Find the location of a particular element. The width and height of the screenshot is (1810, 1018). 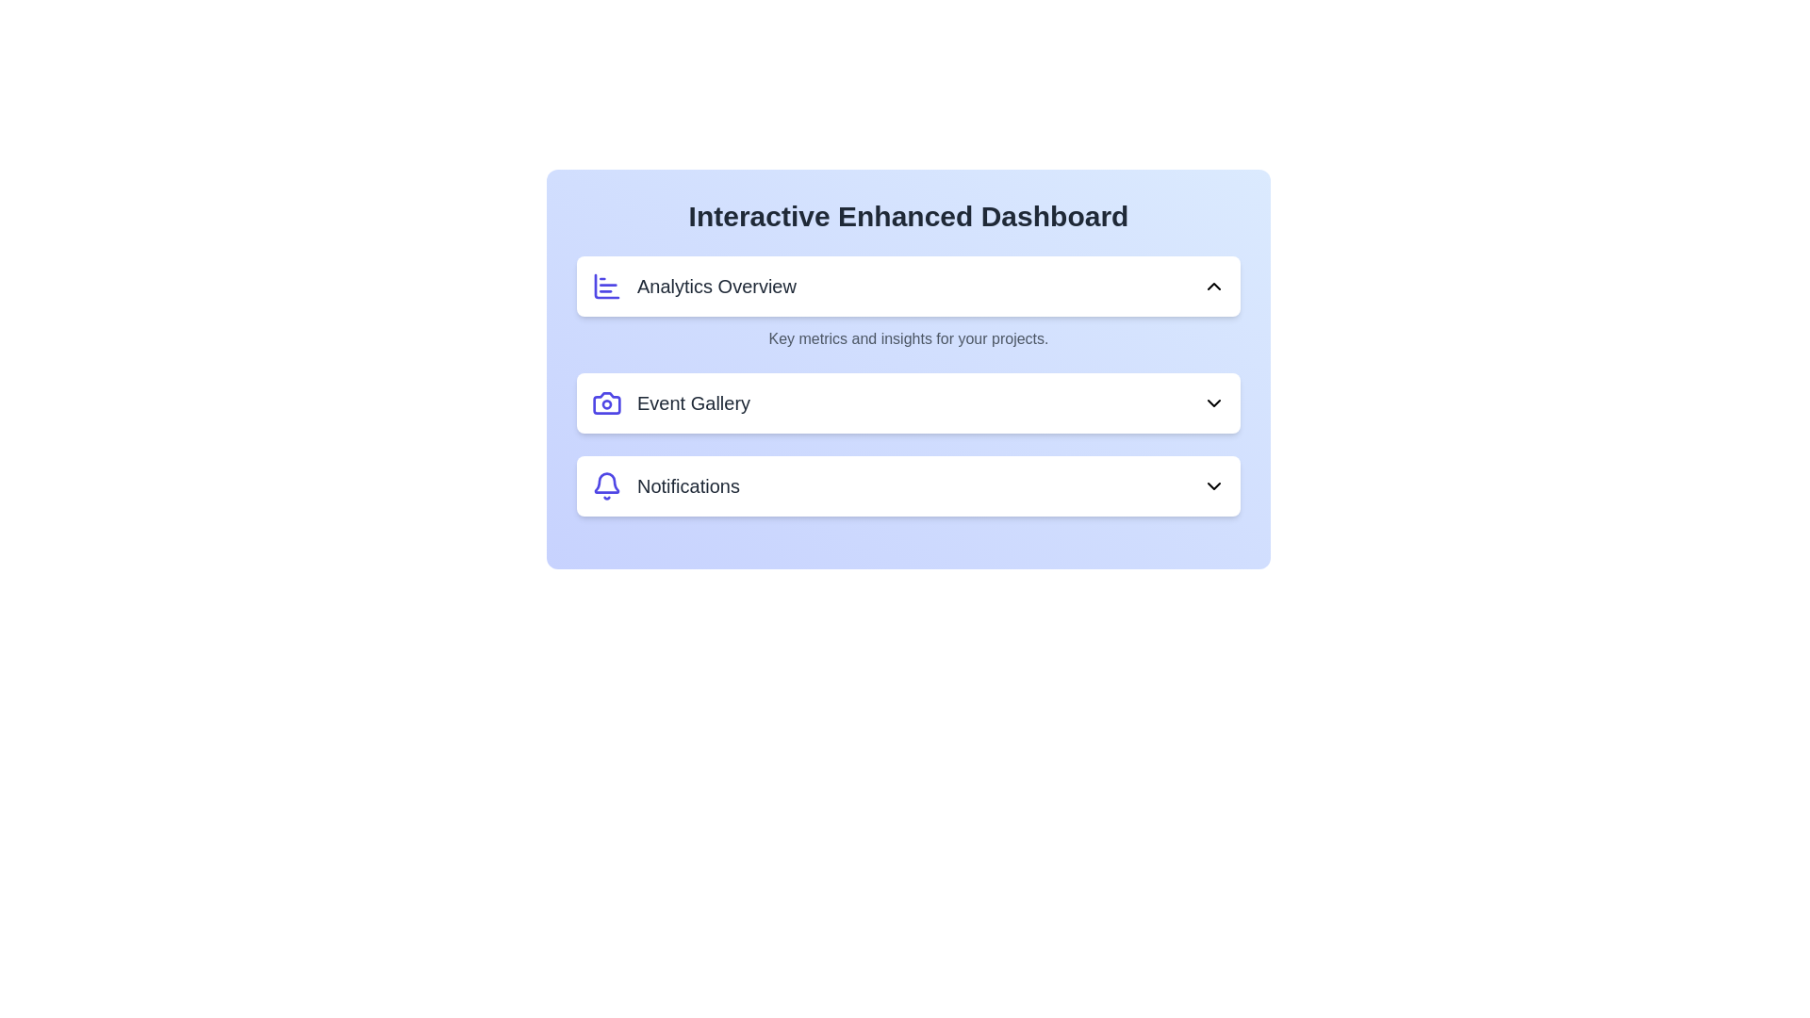

the icon of the Analytics Overview section is located at coordinates (606, 287).